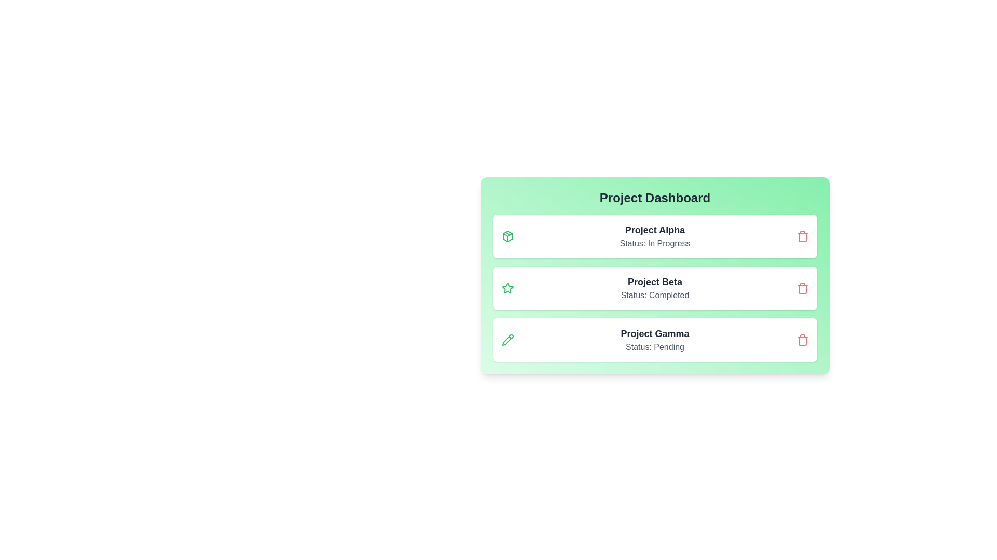 The height and width of the screenshot is (560, 997). I want to click on the details of the project Project Beta, so click(654, 288).